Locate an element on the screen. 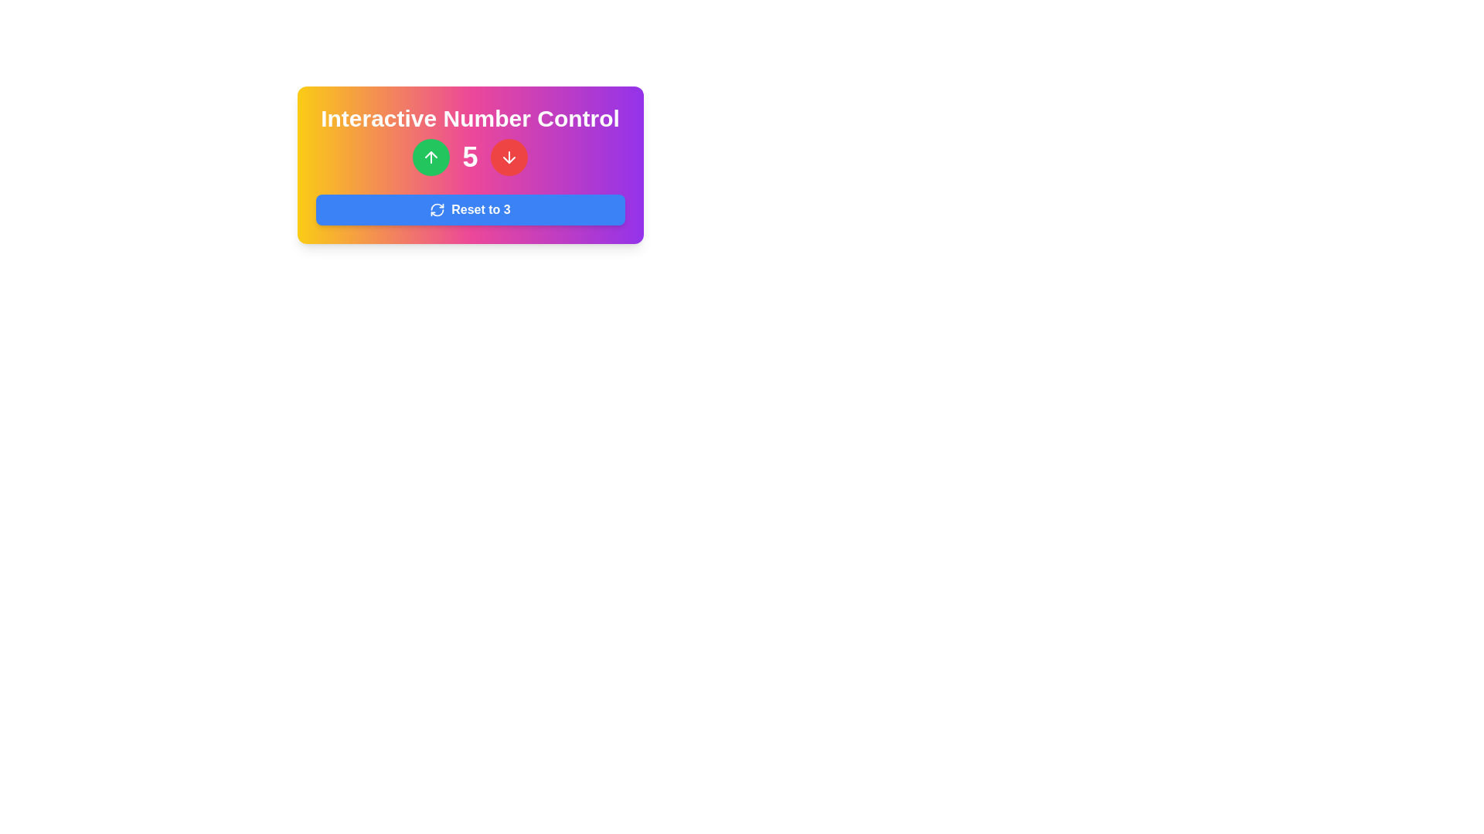  displayed value of the static text label that indicates the reset button for the numeric control value is located at coordinates (480, 210).